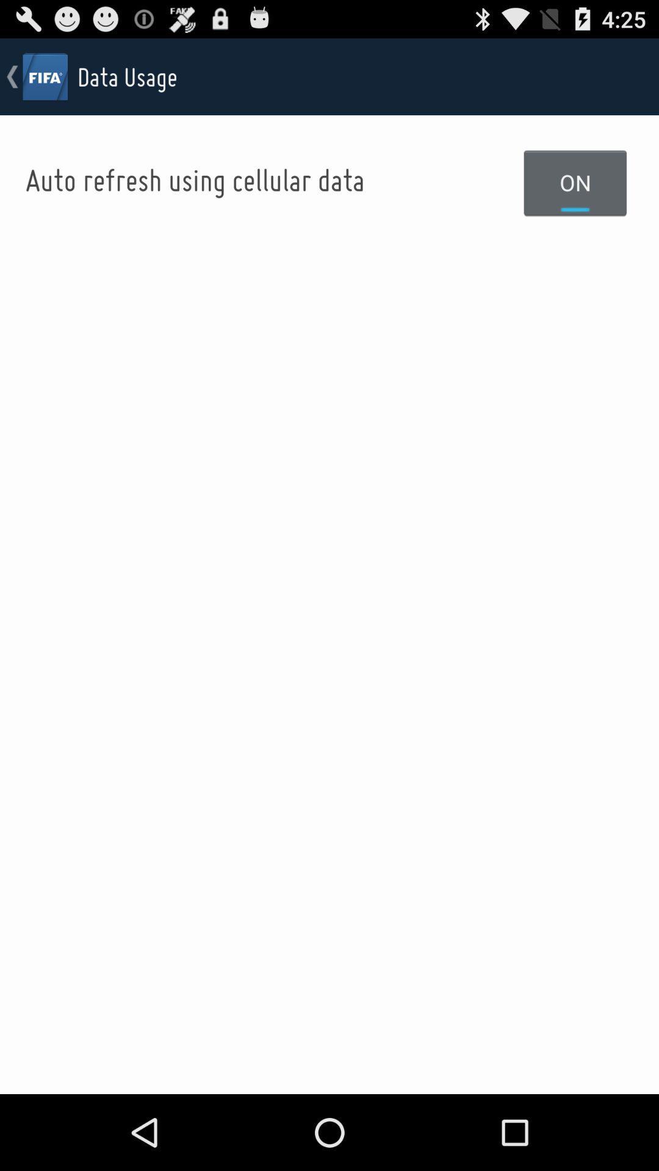  Describe the element at coordinates (575, 182) in the screenshot. I see `the on item` at that location.